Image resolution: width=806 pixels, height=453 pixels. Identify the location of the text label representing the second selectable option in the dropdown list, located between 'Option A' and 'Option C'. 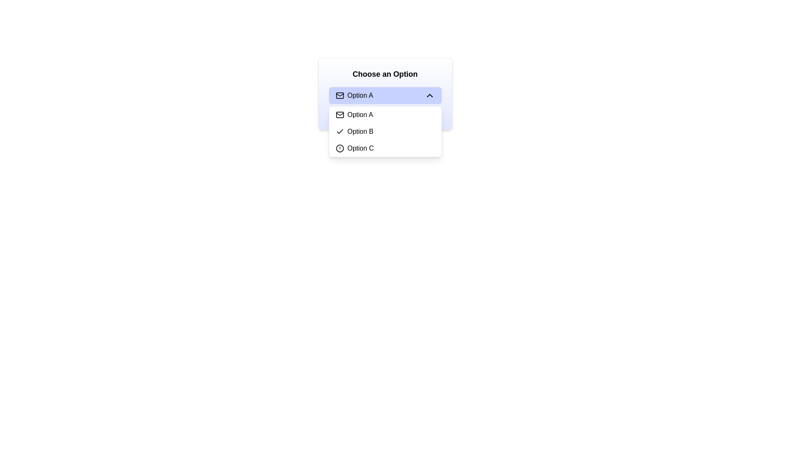
(360, 131).